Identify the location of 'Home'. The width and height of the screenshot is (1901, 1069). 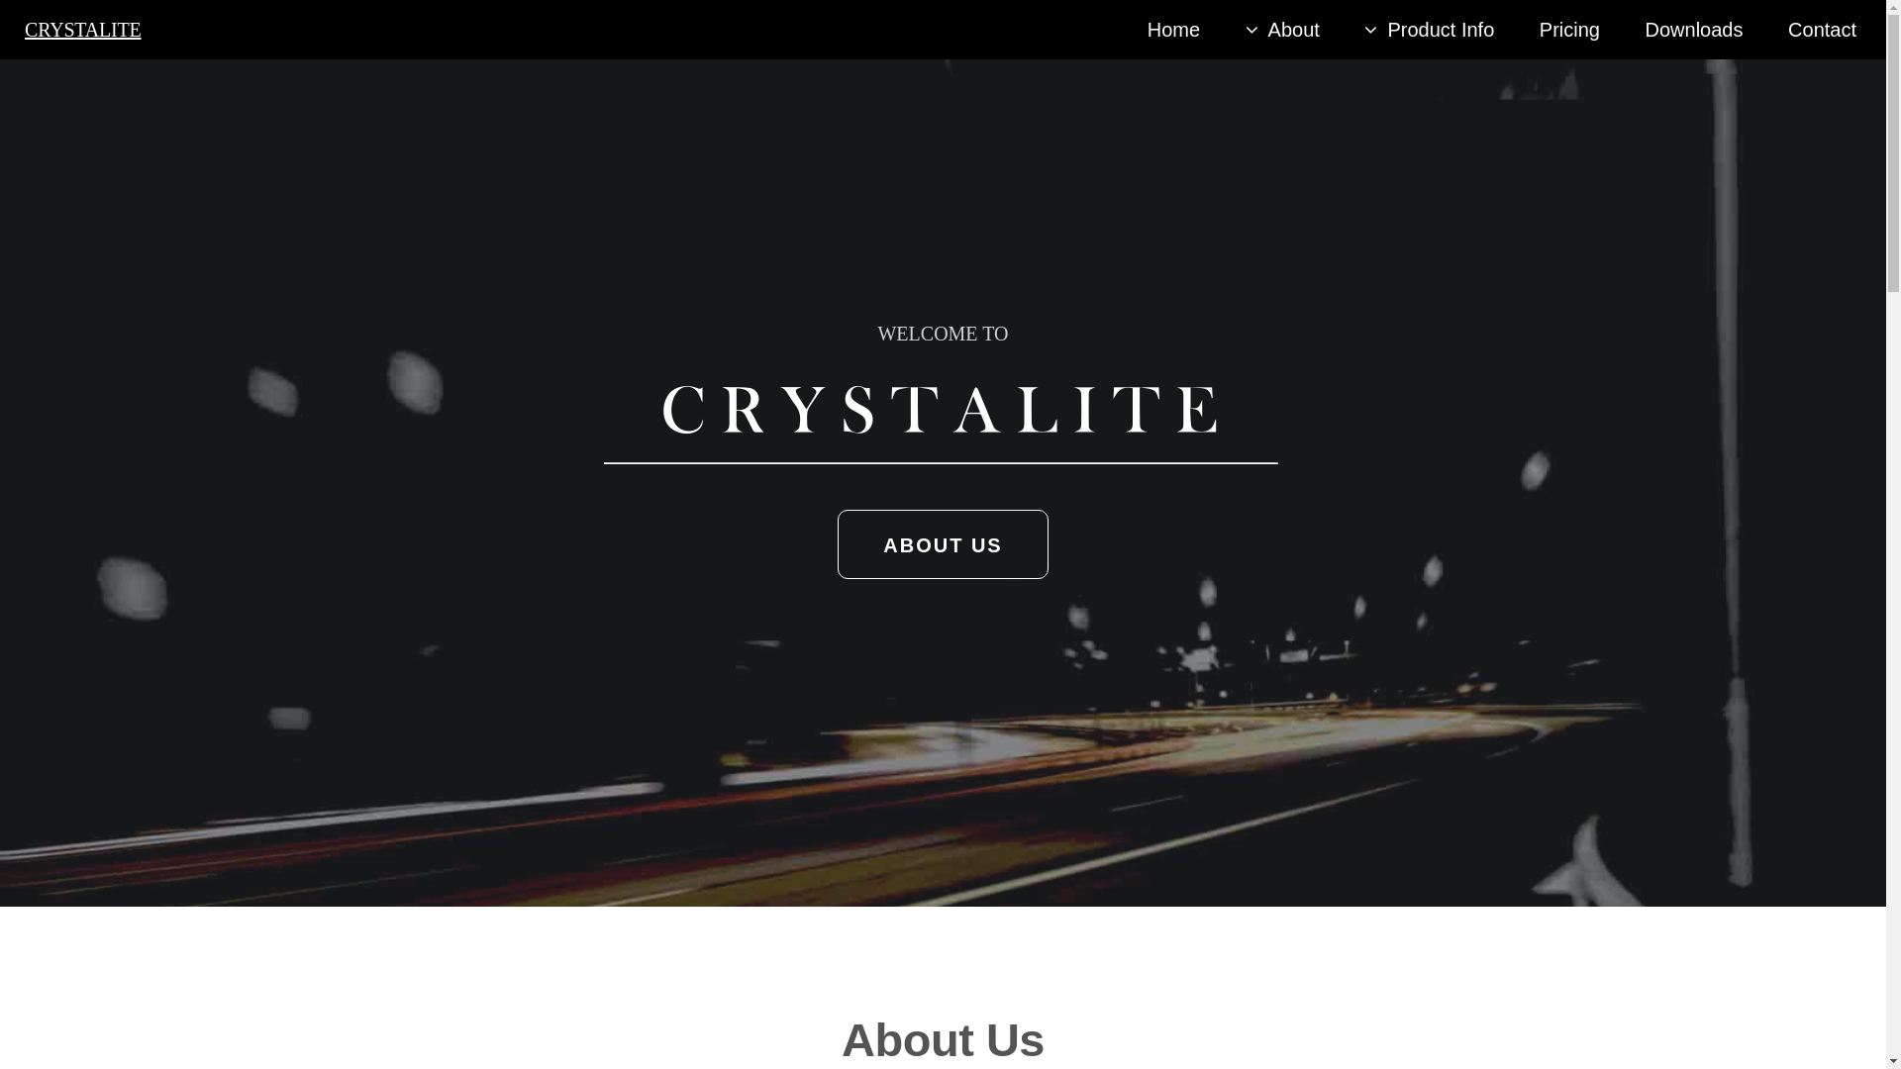
(1173, 30).